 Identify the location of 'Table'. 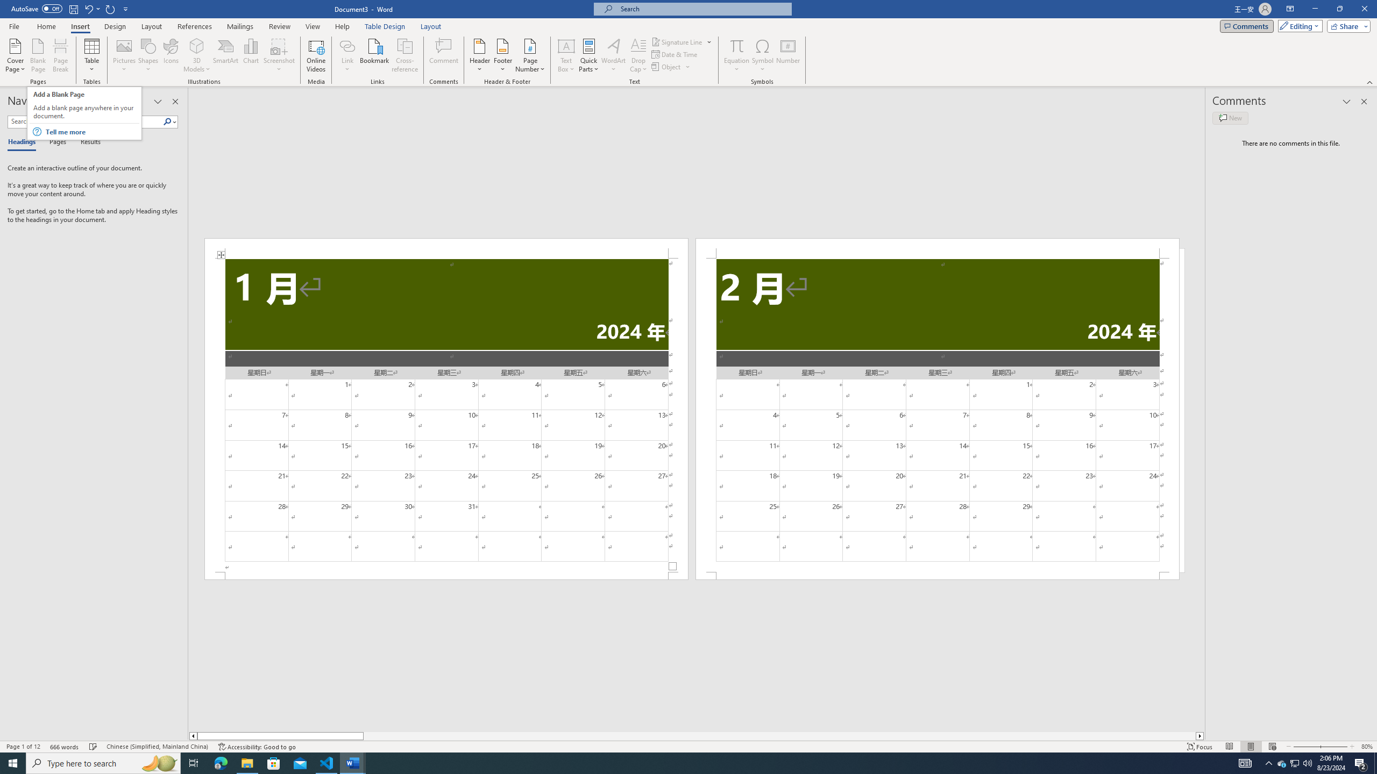
(92, 55).